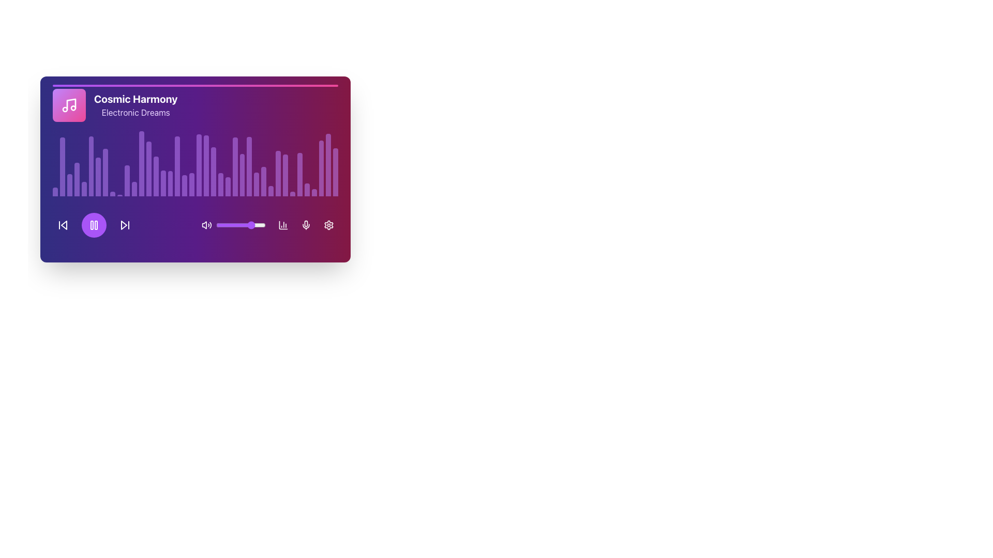  What do you see at coordinates (195, 143) in the screenshot?
I see `the graphical area of the Graphical Equalizer Visualizer to interact with the audio feedback it represents` at bounding box center [195, 143].